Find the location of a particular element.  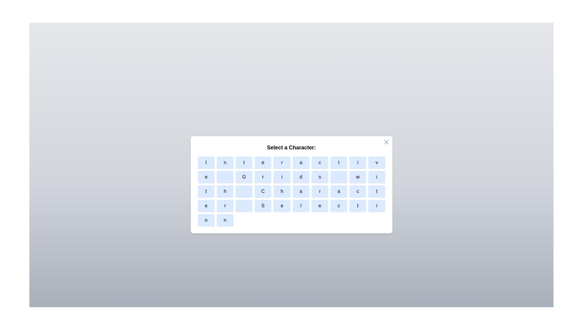

the character button labeled I is located at coordinates (206, 163).